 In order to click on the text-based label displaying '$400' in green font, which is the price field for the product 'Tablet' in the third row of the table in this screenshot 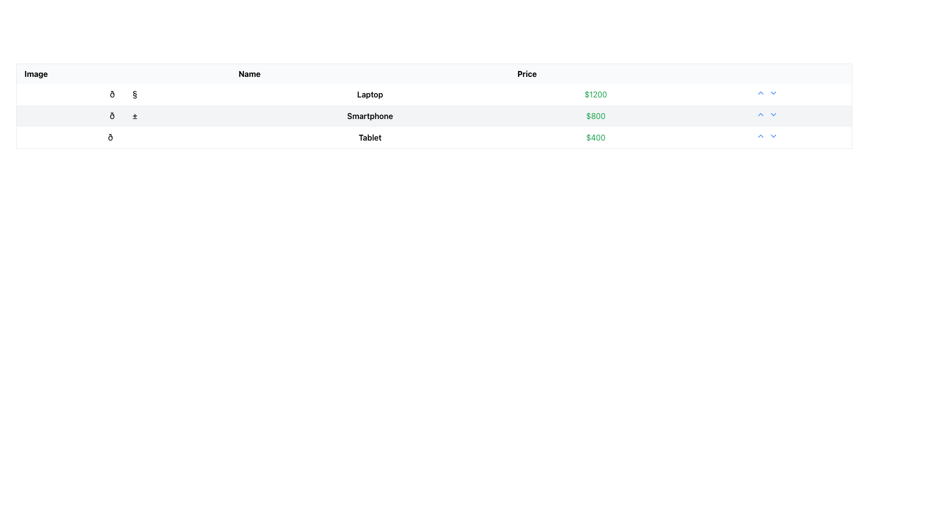, I will do `click(595, 138)`.